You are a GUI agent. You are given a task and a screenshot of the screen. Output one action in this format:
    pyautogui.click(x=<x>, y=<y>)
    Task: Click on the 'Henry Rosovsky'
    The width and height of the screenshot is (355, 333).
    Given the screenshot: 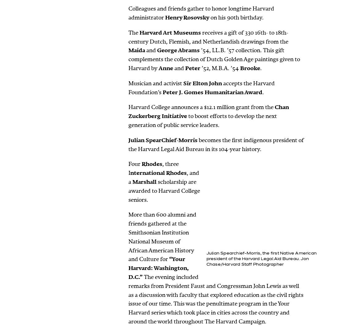 What is the action you would take?
    pyautogui.click(x=187, y=18)
    